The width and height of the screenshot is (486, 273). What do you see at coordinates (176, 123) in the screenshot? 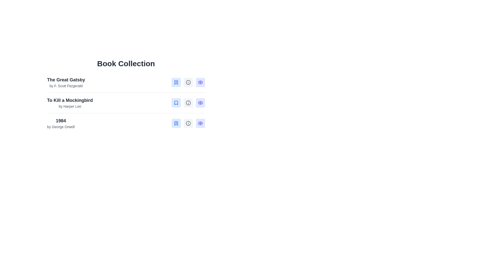
I see `the bookmark button for the book '1984' by George Orwell` at bounding box center [176, 123].